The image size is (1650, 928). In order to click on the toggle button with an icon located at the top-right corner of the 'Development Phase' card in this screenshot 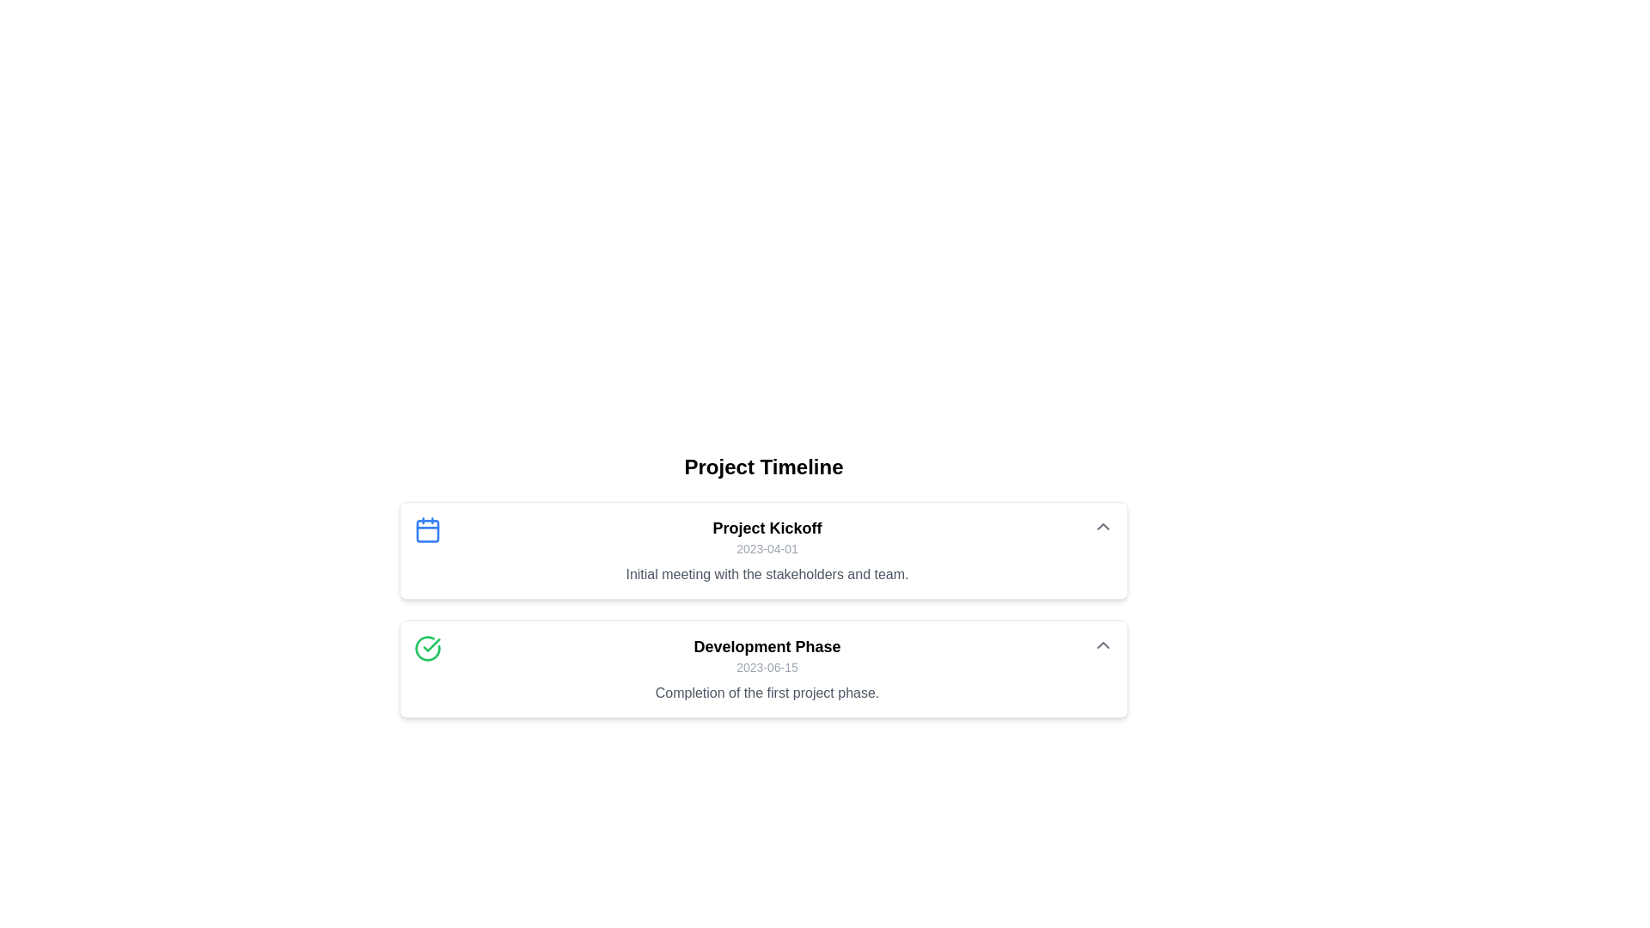, I will do `click(1103, 645)`.